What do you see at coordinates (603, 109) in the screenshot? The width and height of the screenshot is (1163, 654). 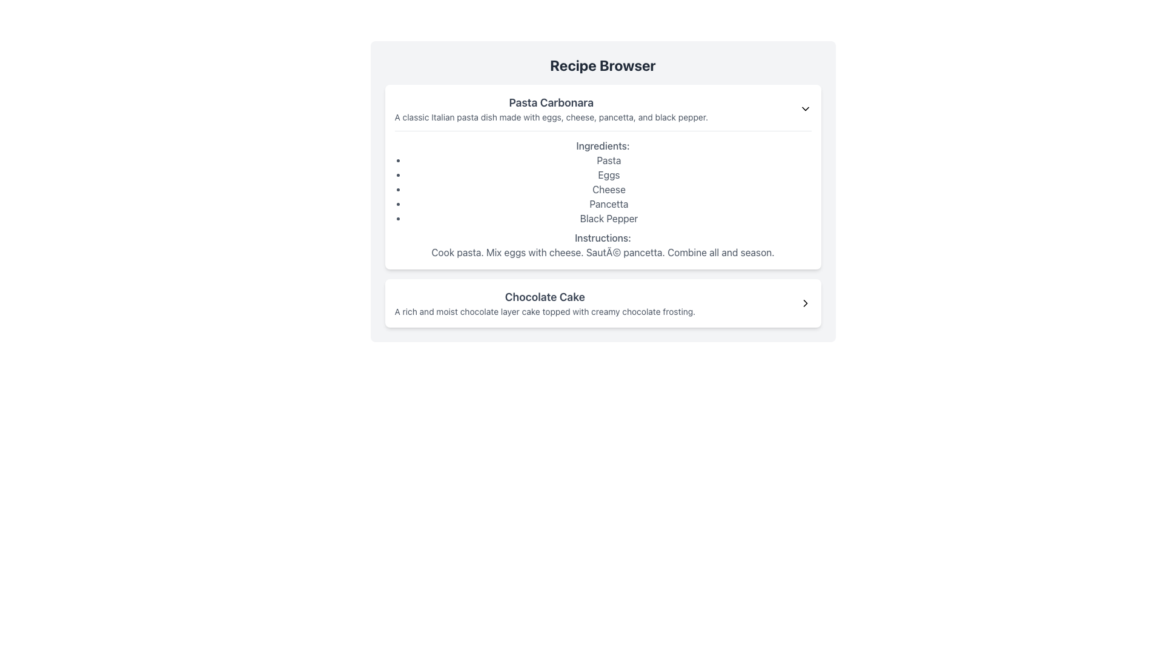 I see `title and description of the recipe from the text block at the top of the recipe list, which includes a collapsible/expandable indicator with a downward arrow icon` at bounding box center [603, 109].